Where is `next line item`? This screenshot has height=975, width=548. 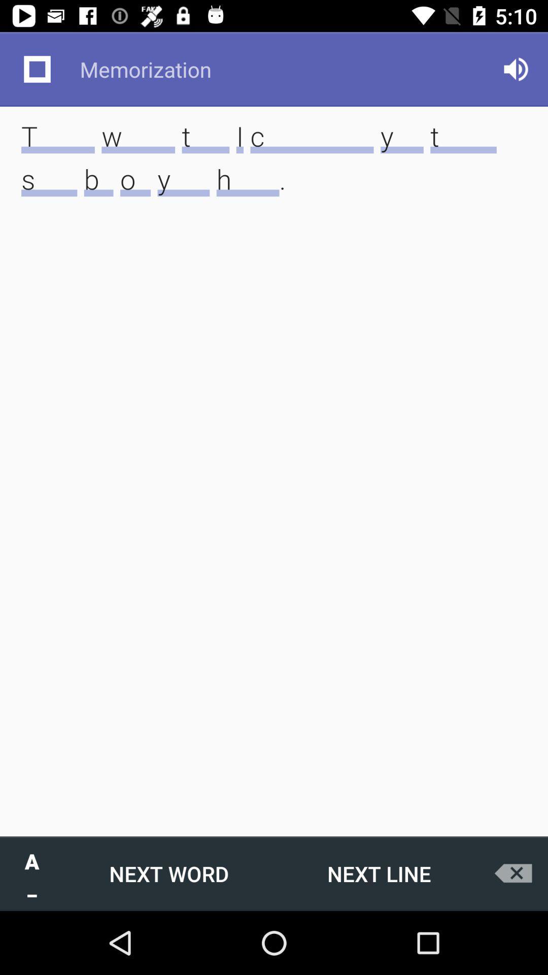
next line item is located at coordinates (379, 873).